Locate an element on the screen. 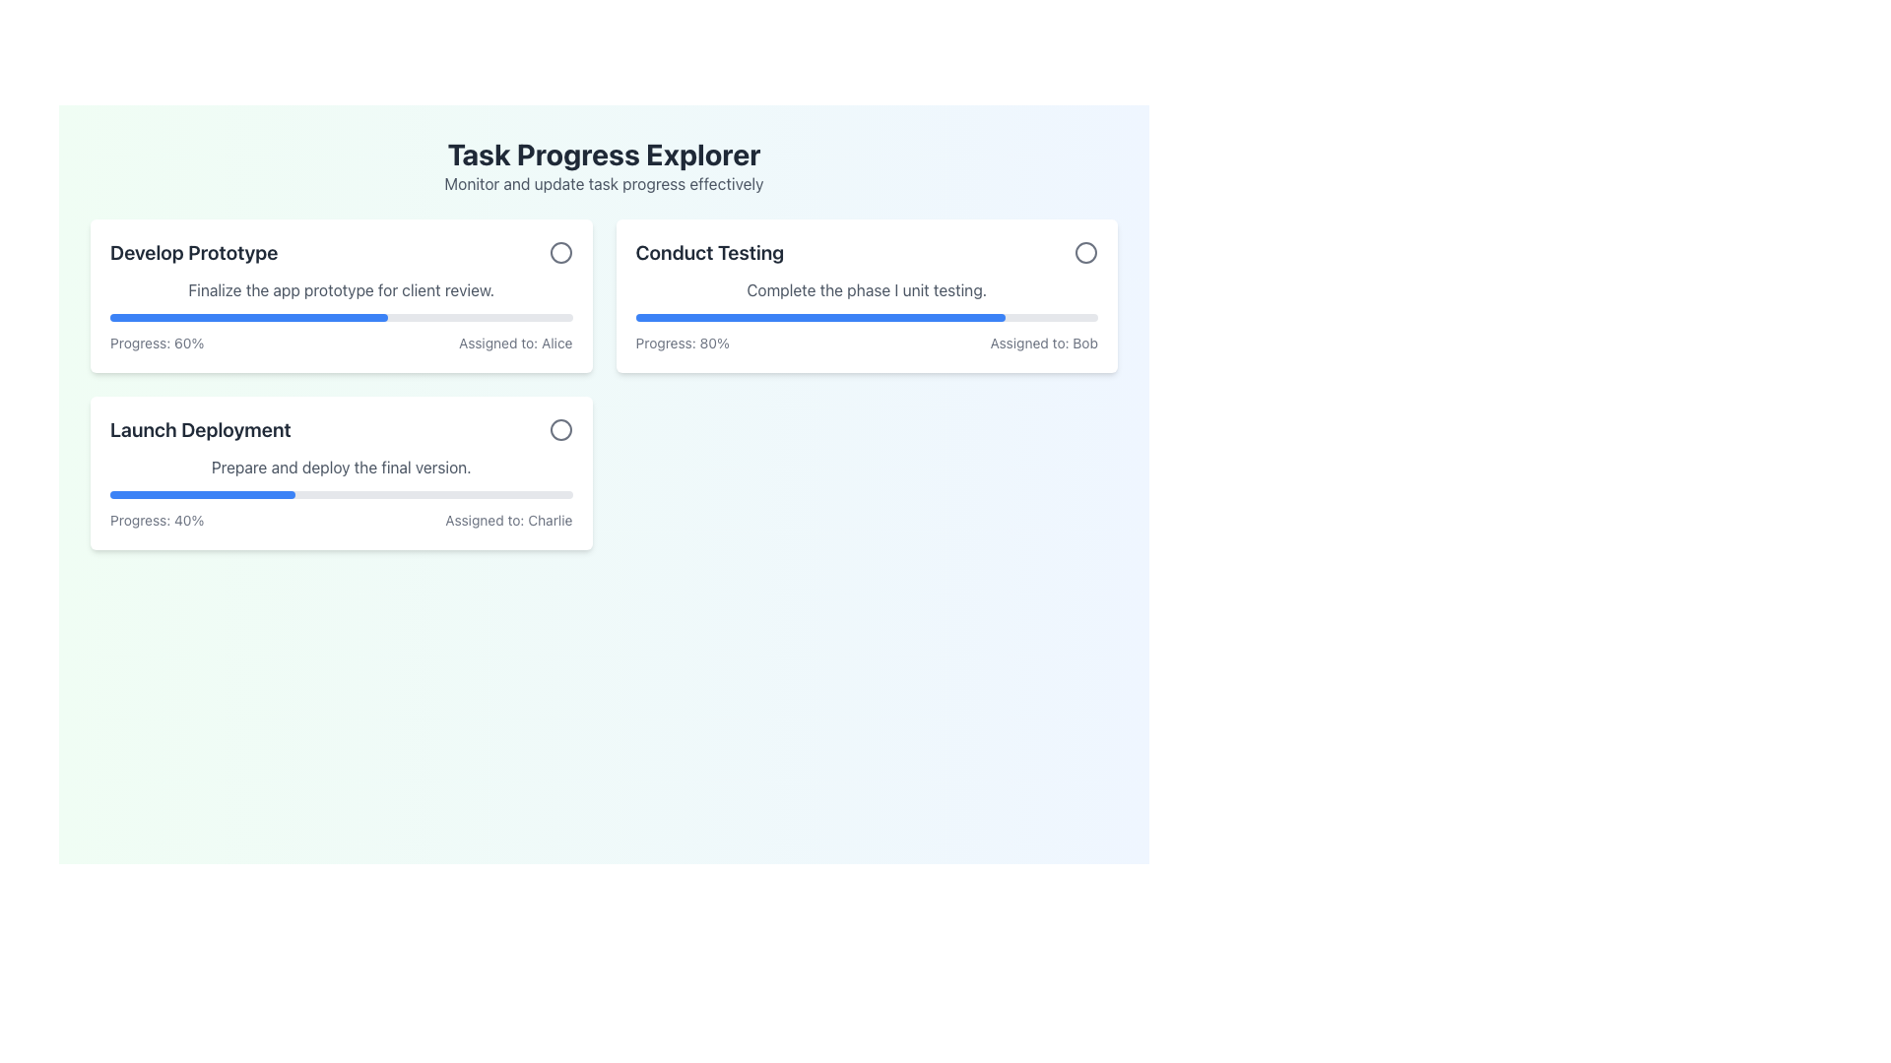 The height and width of the screenshot is (1063, 1891). the progress bar indicating 40% completion in the 'Launch Deployment' section, located below the section title and description, and above the progress text is located at coordinates (341, 493).